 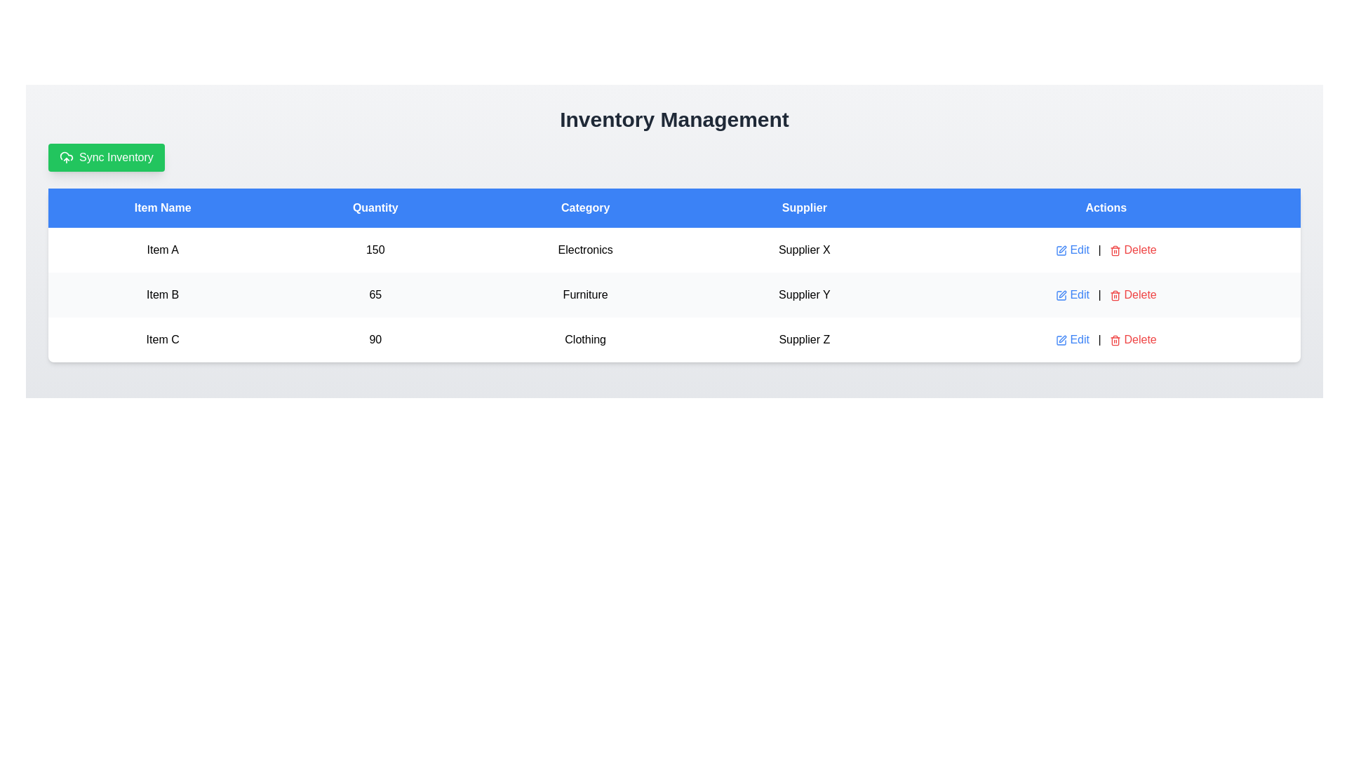 What do you see at coordinates (804, 294) in the screenshot?
I see `the text label displaying 'Supplier Y', which is located in the fourth column of the second row of a table underneath the 'Supplier' header` at bounding box center [804, 294].